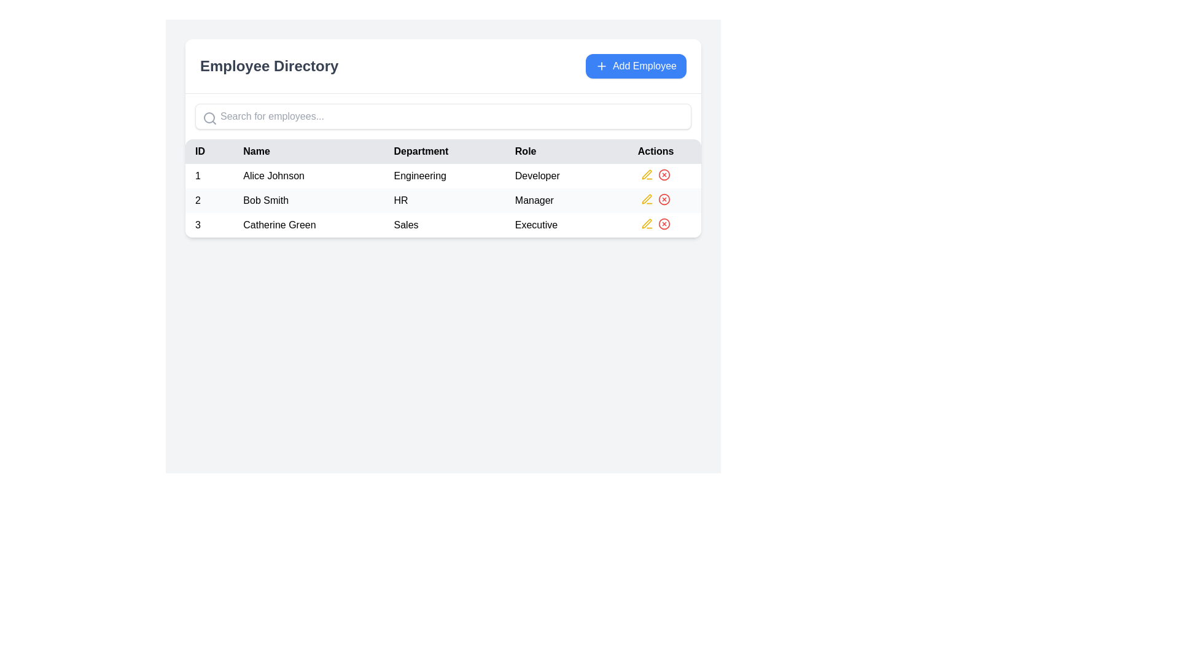 The width and height of the screenshot is (1179, 663). Describe the element at coordinates (663, 175) in the screenshot. I see `the deletion button located in the 'Actions' column of the table, specifically in the first row next to the 'Edit' icon` at that location.